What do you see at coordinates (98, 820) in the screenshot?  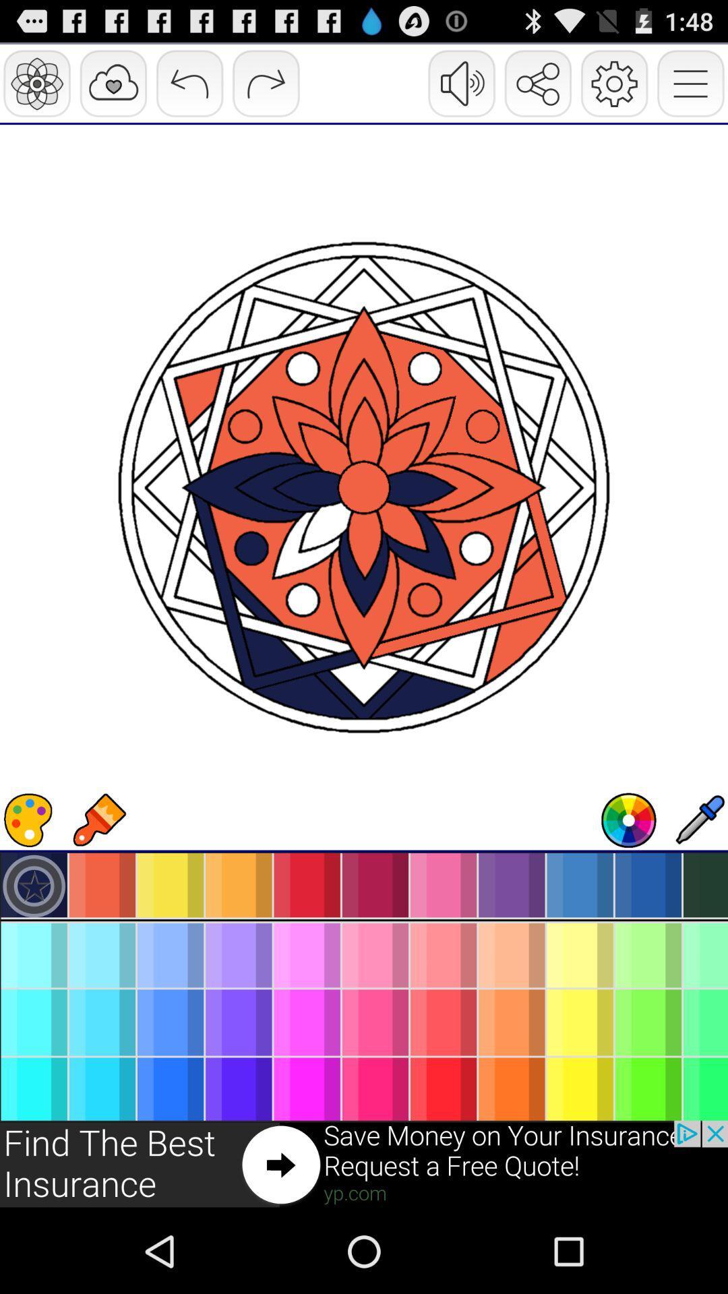 I see `paintbrush` at bounding box center [98, 820].